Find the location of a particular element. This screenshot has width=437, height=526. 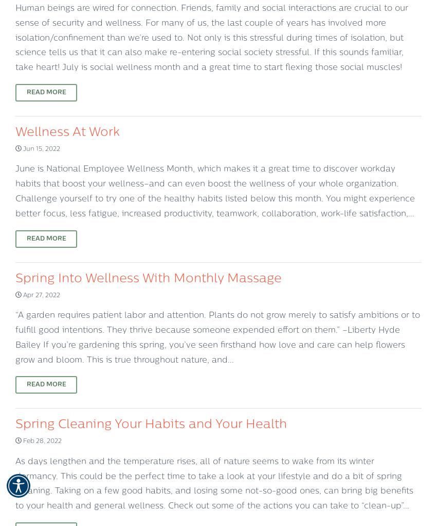

'As days lengthen and the temperature rises, all of nature seems to wake from its winter dormancy. This could be the perfect time to take a look at your lifestyle and do a bit of spring cleaning. Taking on a few good habits, and losing some not-so-good ones, can bring big benefits to your health and general wellness. Check out some of the actions you can take to “clean-up”...' is located at coordinates (214, 484).